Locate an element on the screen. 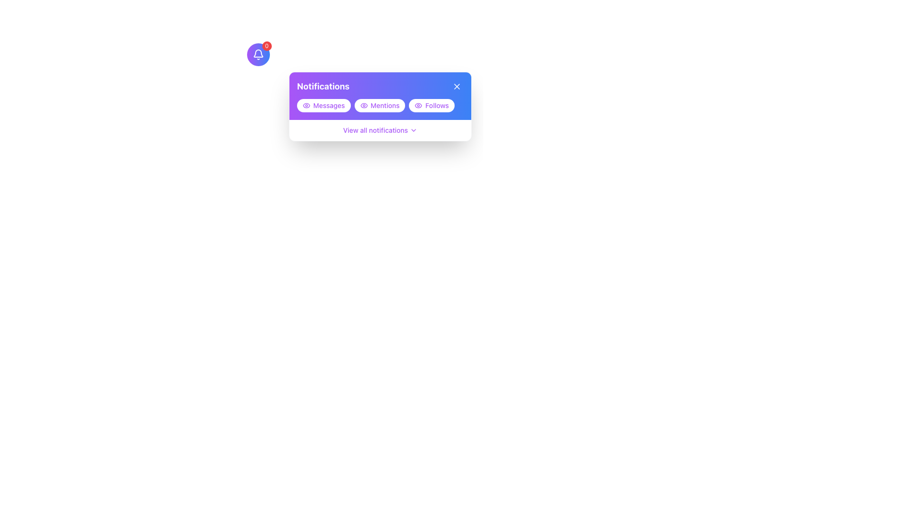 This screenshot has height=514, width=914. the close button for the notifications panel, located at the top-right corner of the panel with a purple background is located at coordinates (457, 86).